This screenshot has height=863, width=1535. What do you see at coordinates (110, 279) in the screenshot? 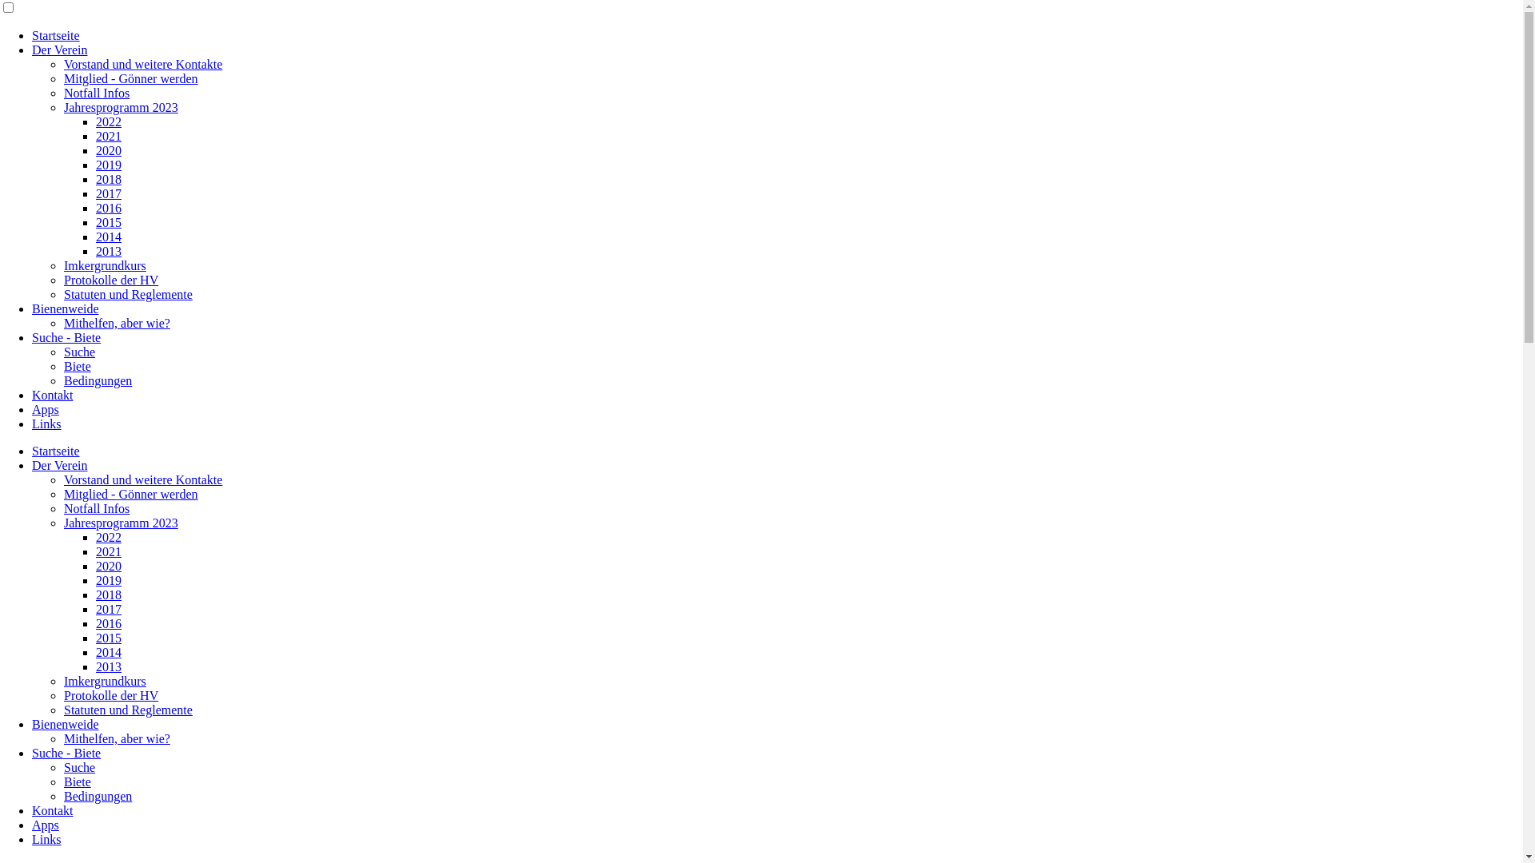
I see `'Protokolle der HV'` at bounding box center [110, 279].